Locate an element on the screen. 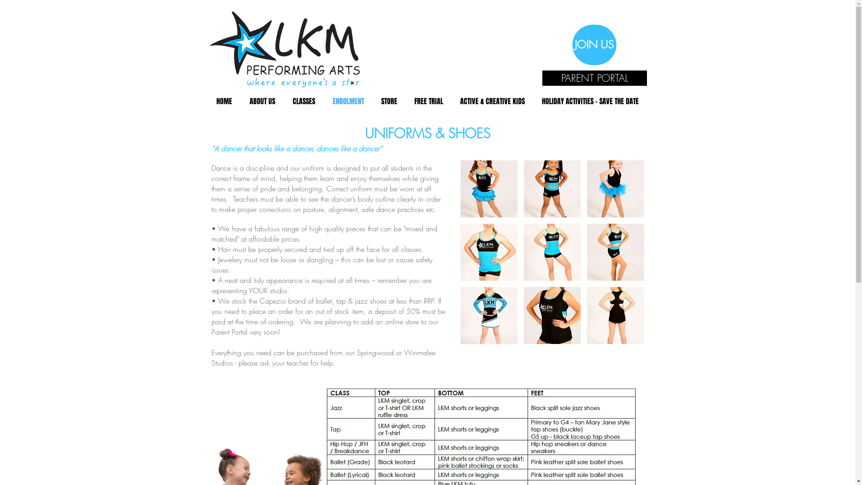  'ACTIVE & CREATIVE KIDS' is located at coordinates (492, 101).